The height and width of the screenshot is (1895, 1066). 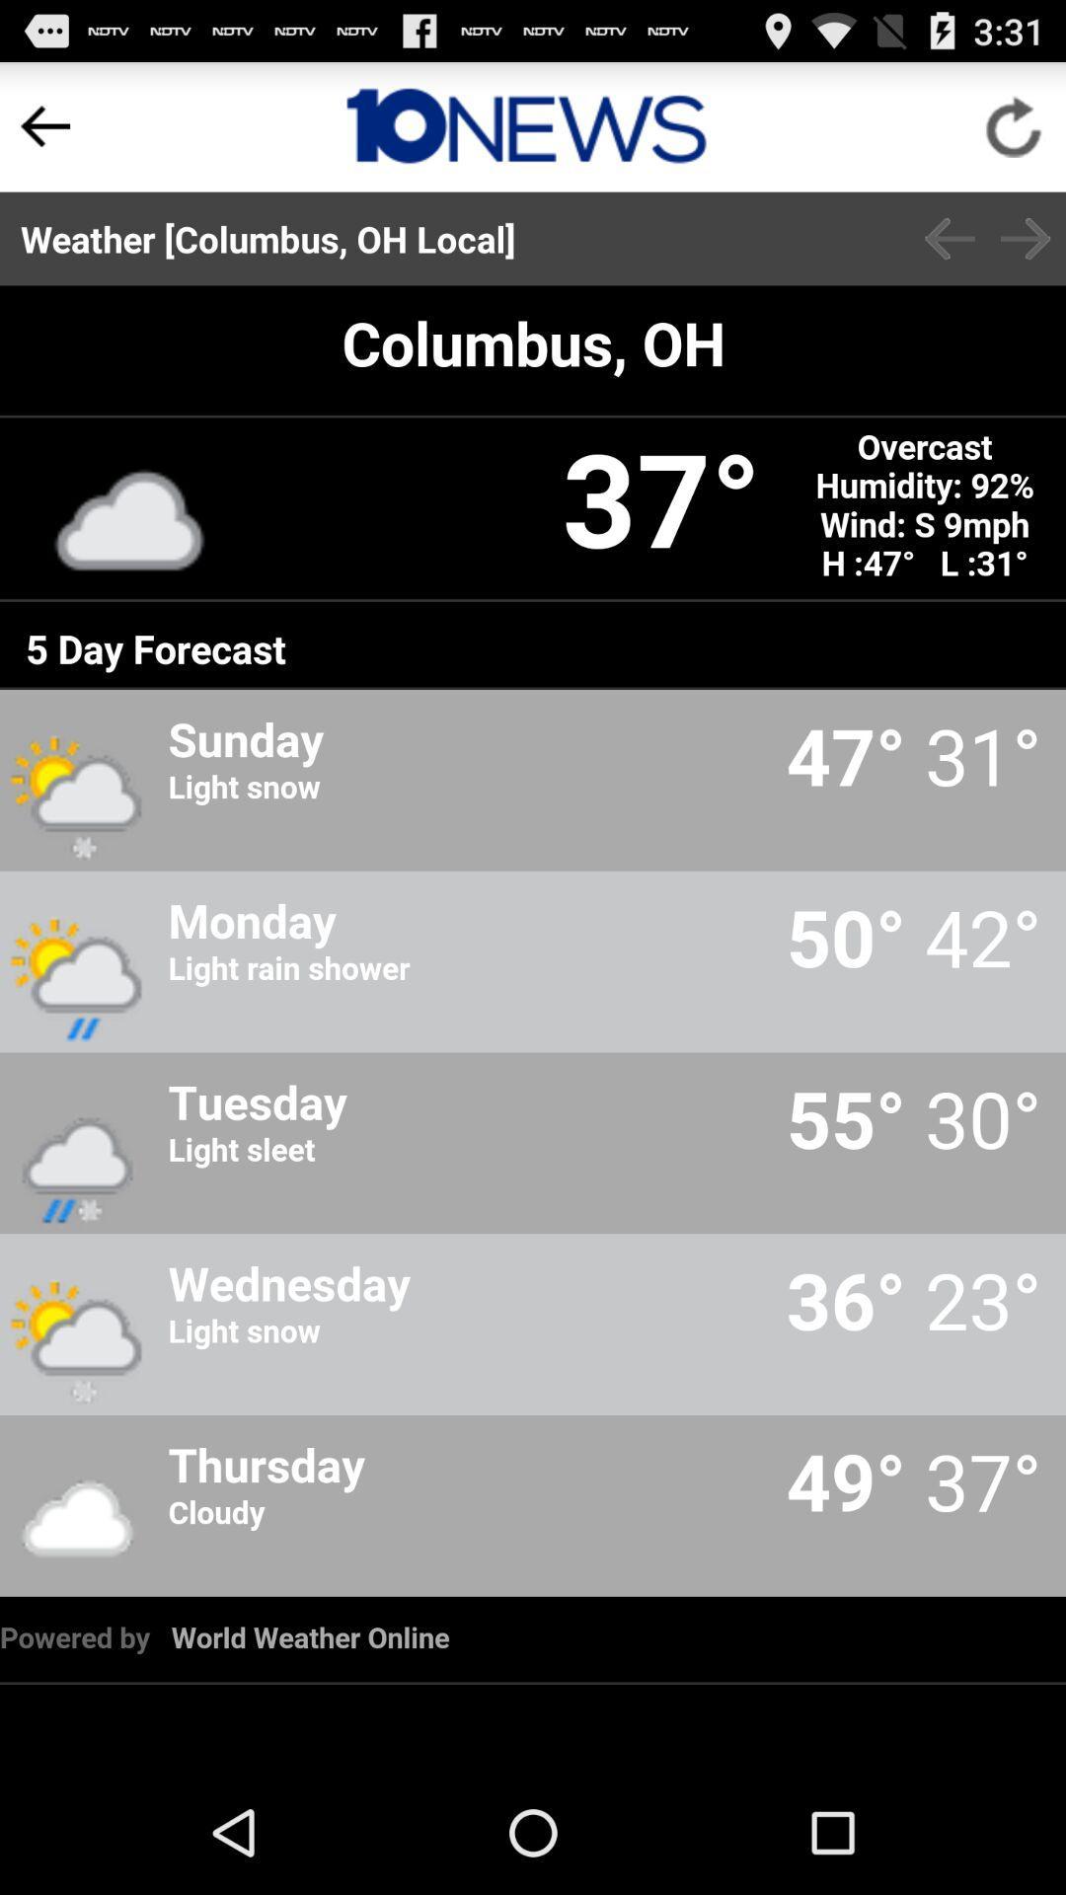 What do you see at coordinates (1025, 238) in the screenshot?
I see `back` at bounding box center [1025, 238].